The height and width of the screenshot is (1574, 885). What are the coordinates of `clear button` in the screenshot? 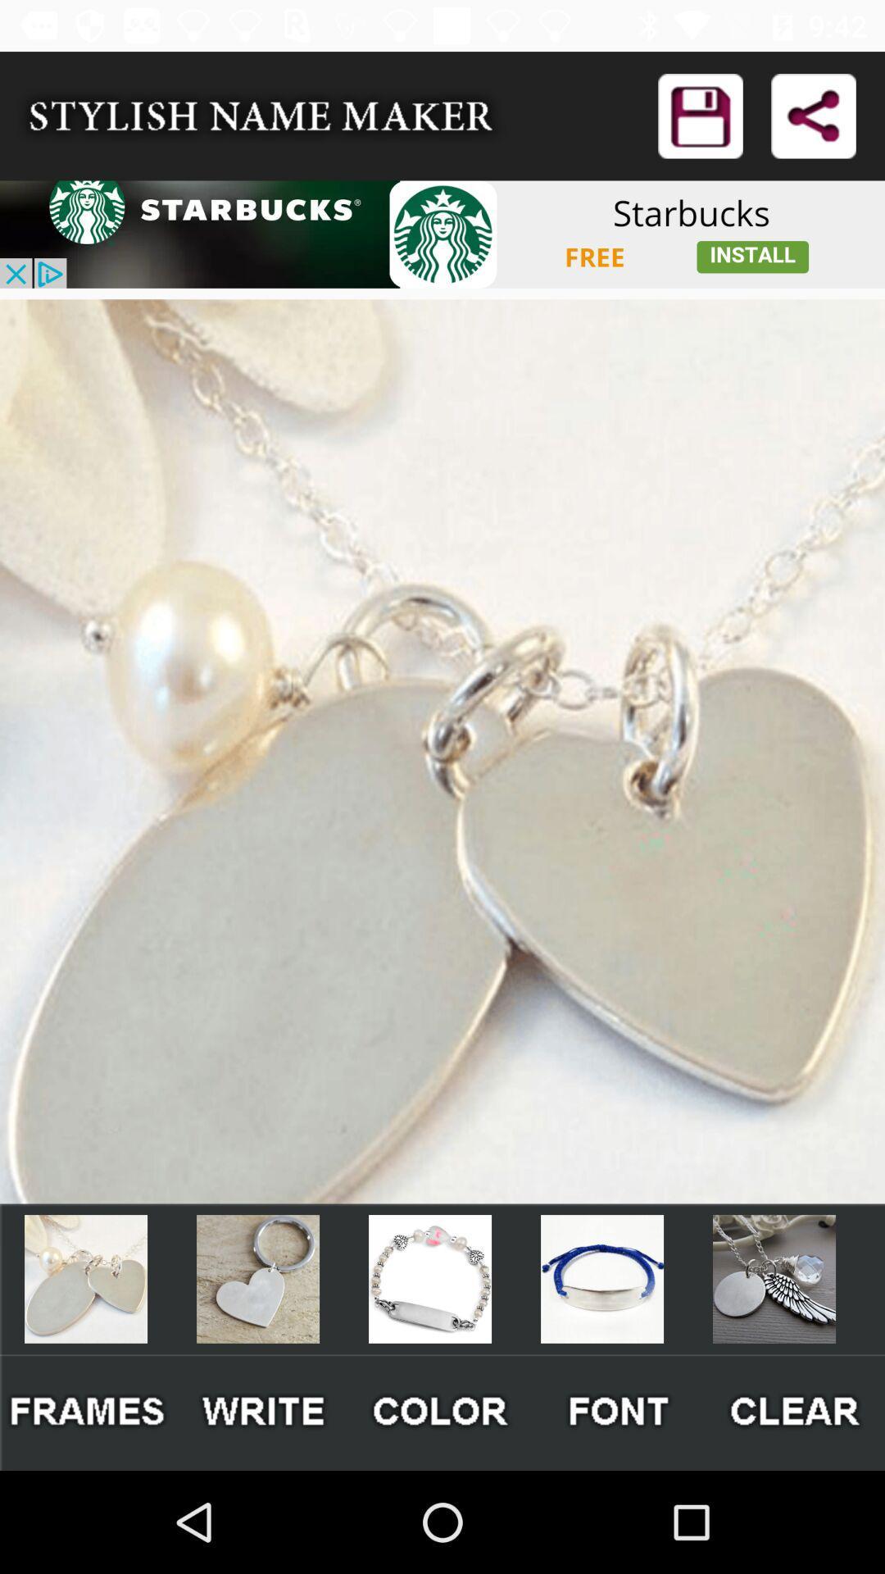 It's located at (796, 1412).